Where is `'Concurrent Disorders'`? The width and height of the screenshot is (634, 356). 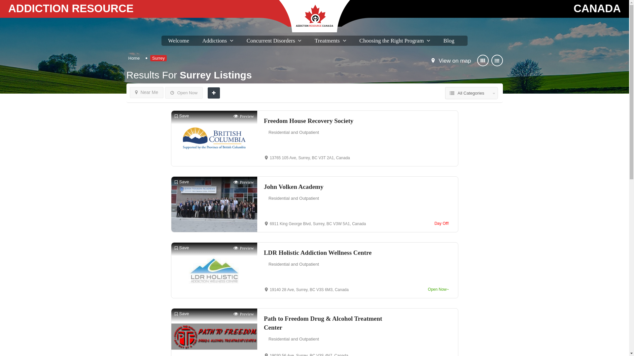 'Concurrent Disorders' is located at coordinates (246, 41).